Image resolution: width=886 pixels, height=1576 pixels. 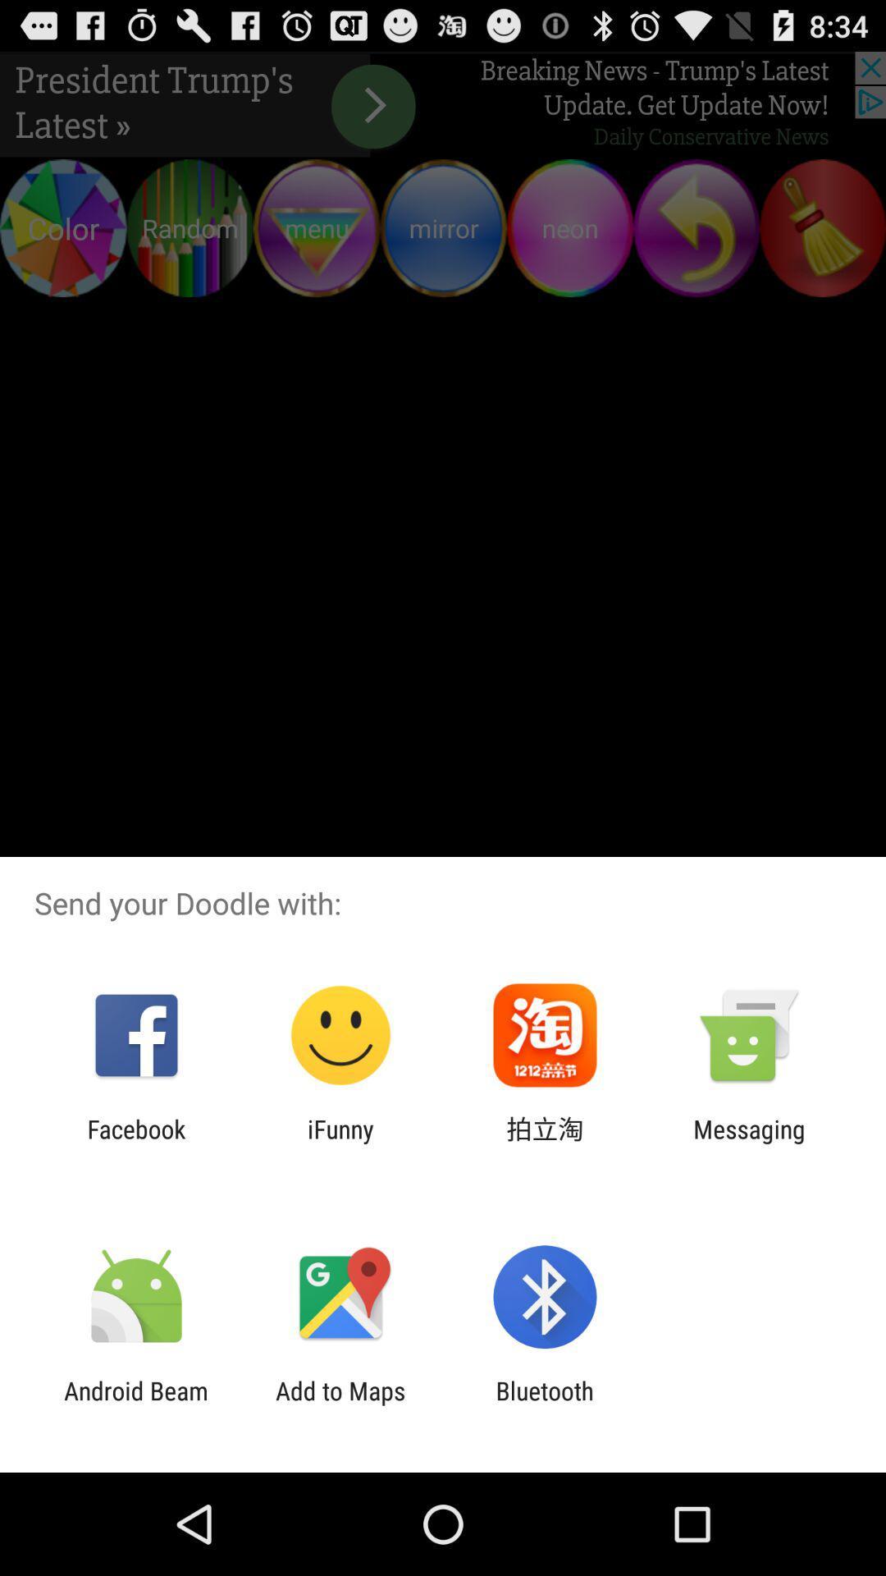 I want to click on facebook, so click(x=135, y=1143).